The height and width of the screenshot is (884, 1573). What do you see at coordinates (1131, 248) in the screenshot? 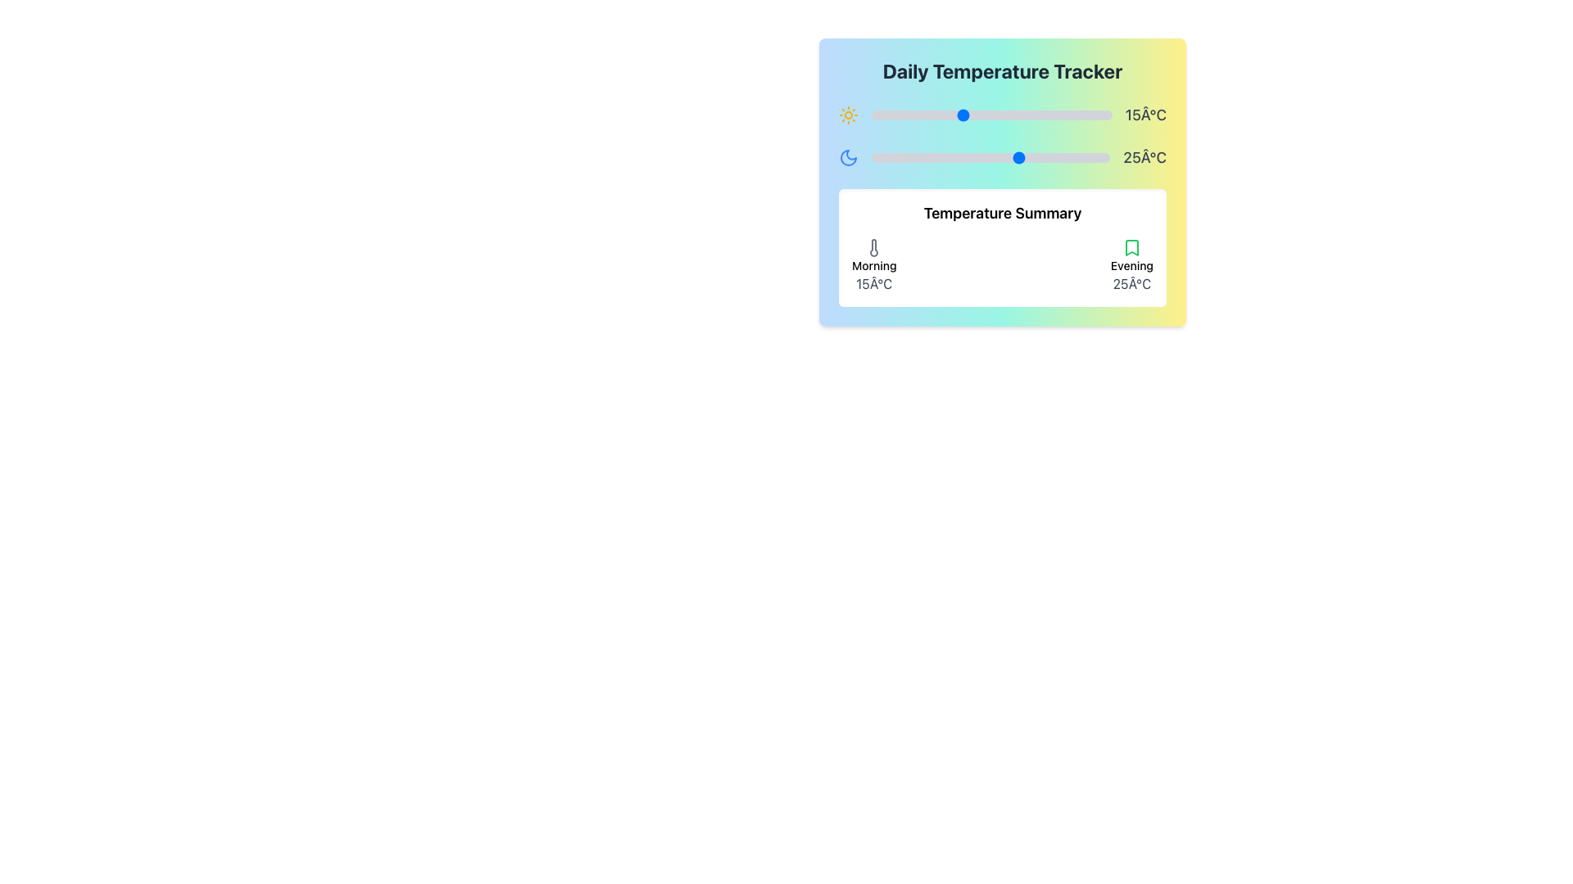
I see `the decorative SVG icon in the 'Temperature Summary' section of the 'Daily Temperature Tracker', located adjacent to the 'Evening' label and its temperature reading, indicating the evening temperature` at bounding box center [1131, 248].